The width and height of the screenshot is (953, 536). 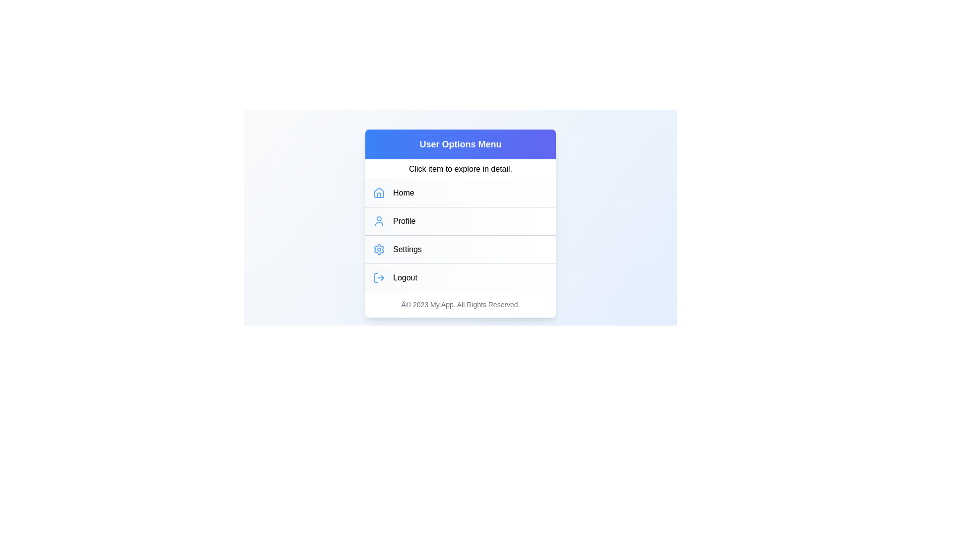 I want to click on the informational text section of the UserProfileMenu component, so click(x=460, y=168).